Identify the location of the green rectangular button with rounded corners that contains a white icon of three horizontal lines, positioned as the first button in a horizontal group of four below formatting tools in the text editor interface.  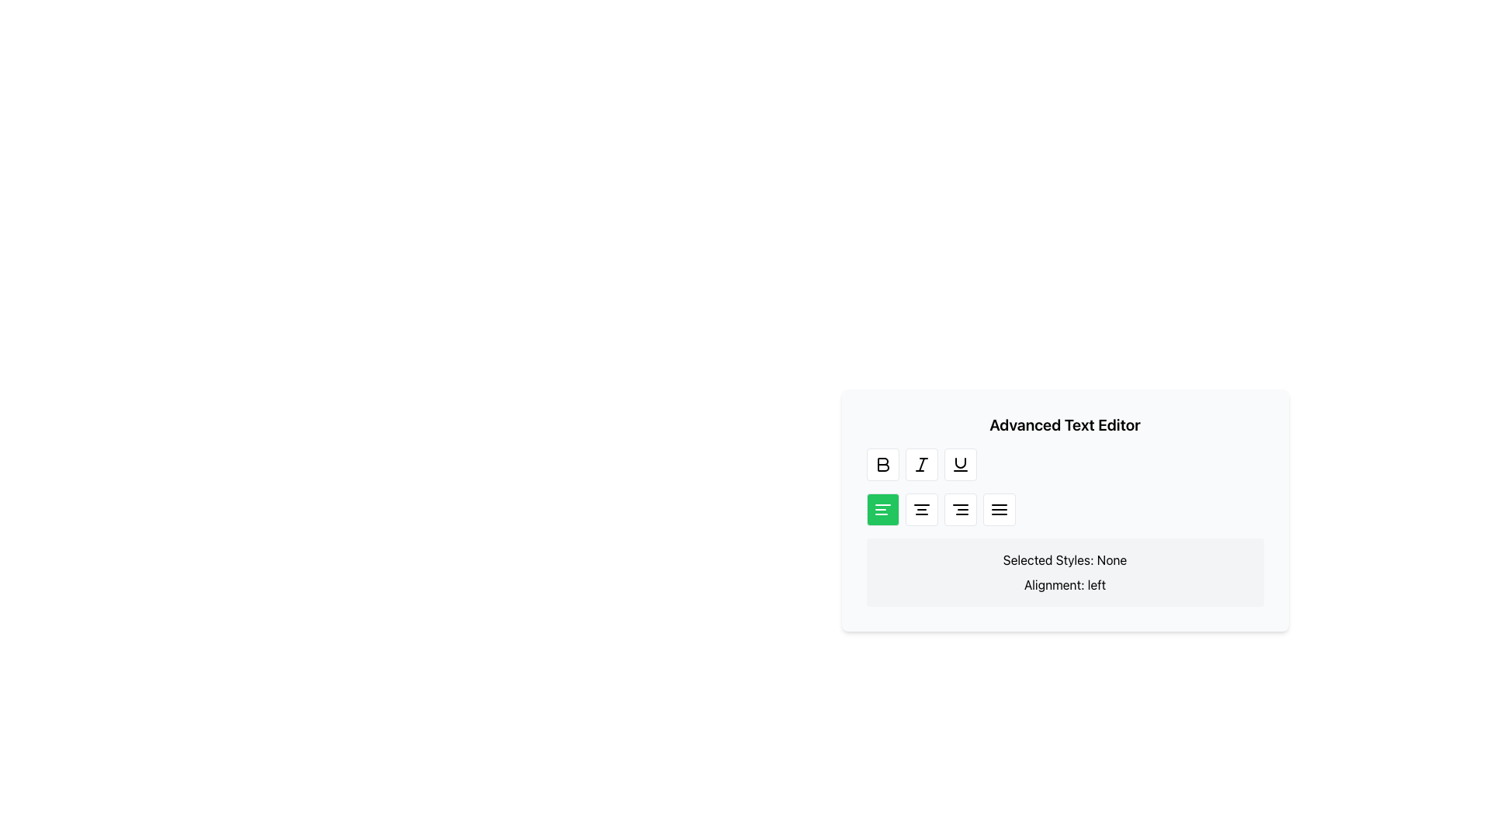
(882, 509).